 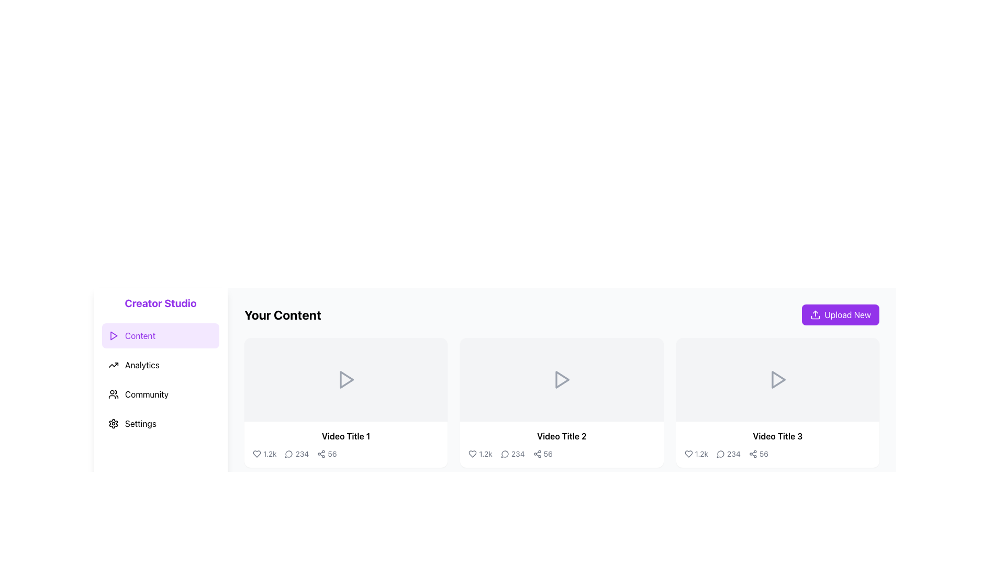 What do you see at coordinates (140, 335) in the screenshot?
I see `the text label reading 'Content' in bold purple font located in the top-left corner of the layout under 'Creator Studio'` at bounding box center [140, 335].